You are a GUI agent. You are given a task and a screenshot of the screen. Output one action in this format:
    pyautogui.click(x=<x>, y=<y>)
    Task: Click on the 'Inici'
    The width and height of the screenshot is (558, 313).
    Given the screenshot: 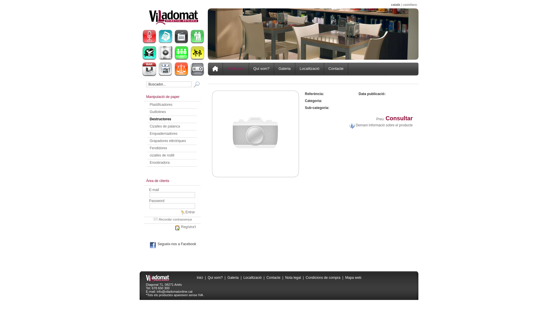 What is the action you would take?
    pyautogui.click(x=200, y=277)
    